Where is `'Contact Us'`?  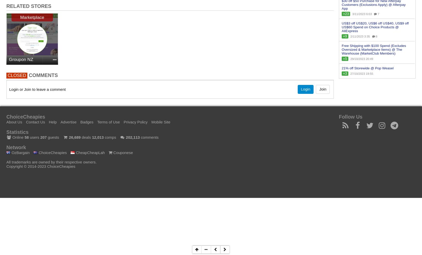 'Contact Us' is located at coordinates (35, 121).